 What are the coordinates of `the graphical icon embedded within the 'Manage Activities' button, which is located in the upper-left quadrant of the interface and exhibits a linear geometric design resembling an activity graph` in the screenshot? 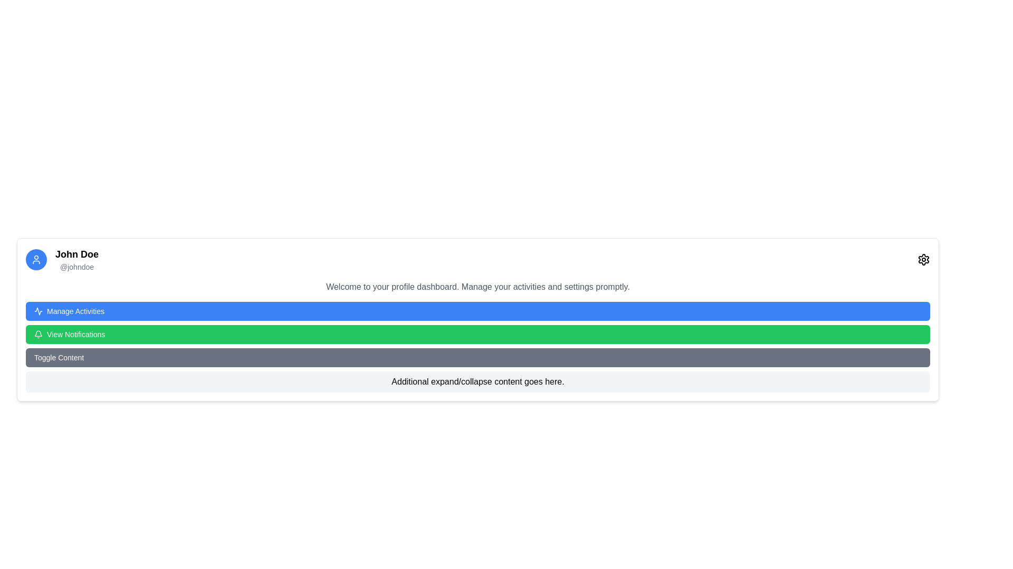 It's located at (38, 310).